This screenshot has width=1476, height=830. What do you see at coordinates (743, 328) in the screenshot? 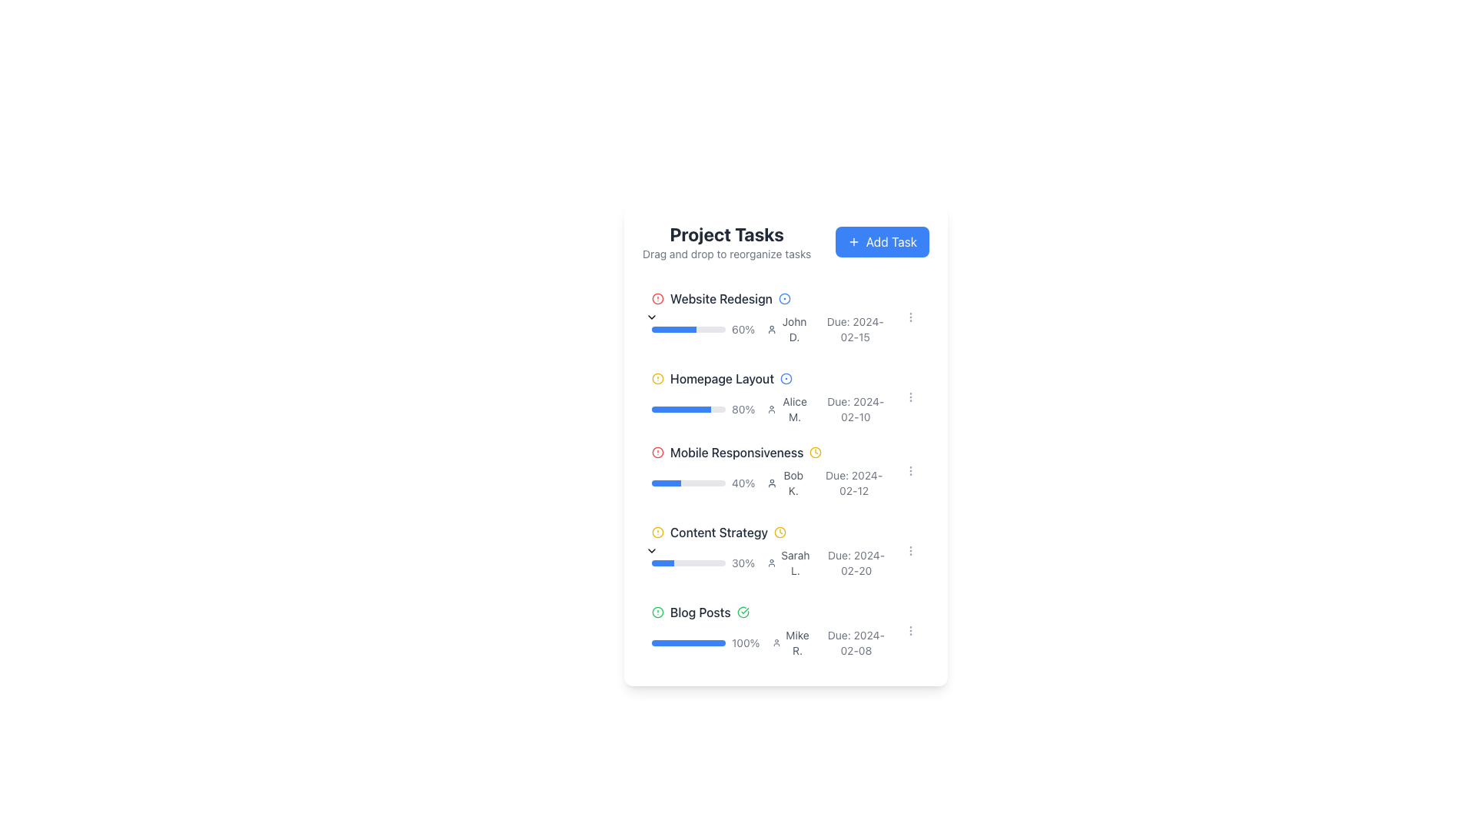
I see `the completion percentage label for the 'Website Redesign' task, which is located to the right of the progress bar in the second row of the item` at bounding box center [743, 328].